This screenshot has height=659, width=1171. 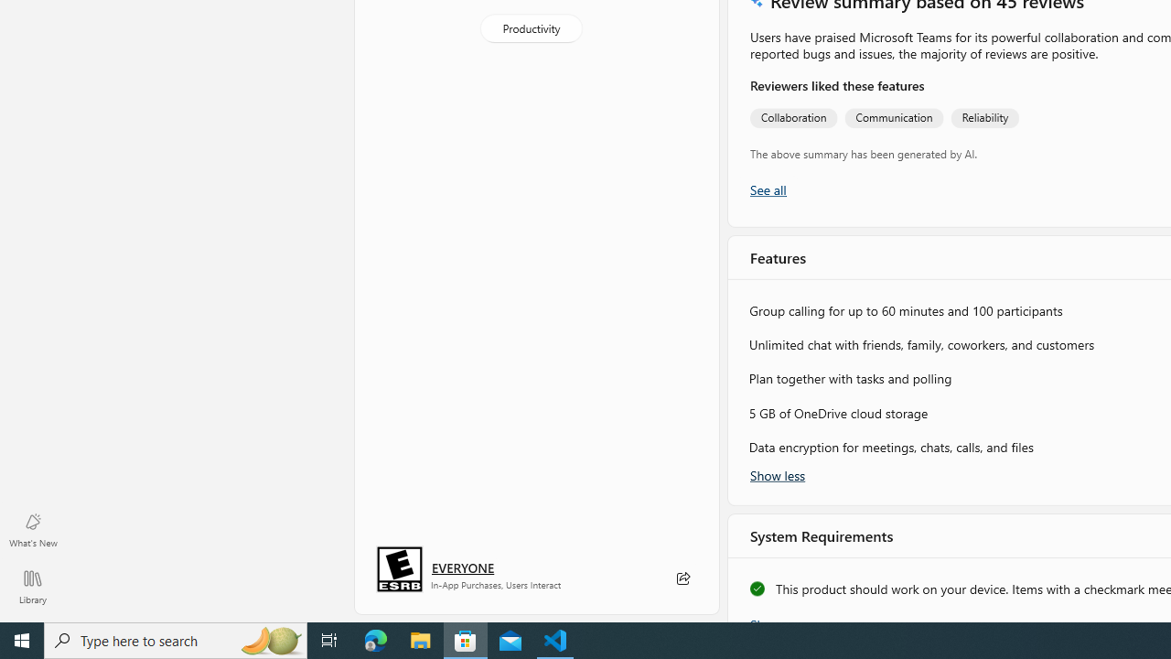 What do you see at coordinates (529, 27) in the screenshot?
I see `'Productivity'` at bounding box center [529, 27].